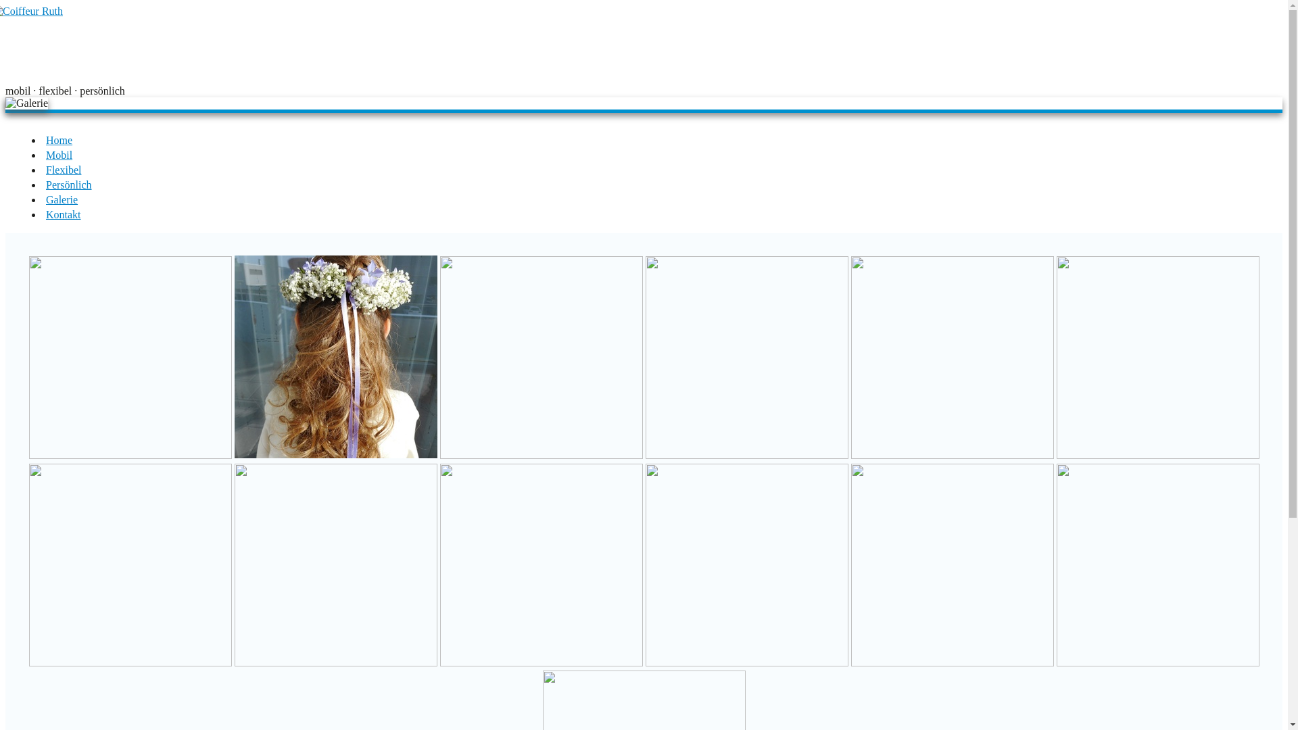 The height and width of the screenshot is (730, 1298). What do you see at coordinates (58, 154) in the screenshot?
I see `'Mobil'` at bounding box center [58, 154].